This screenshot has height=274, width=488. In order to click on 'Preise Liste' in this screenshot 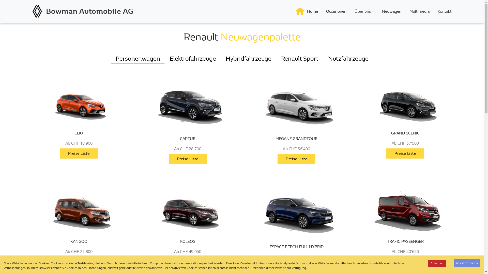, I will do `click(296, 267)`.